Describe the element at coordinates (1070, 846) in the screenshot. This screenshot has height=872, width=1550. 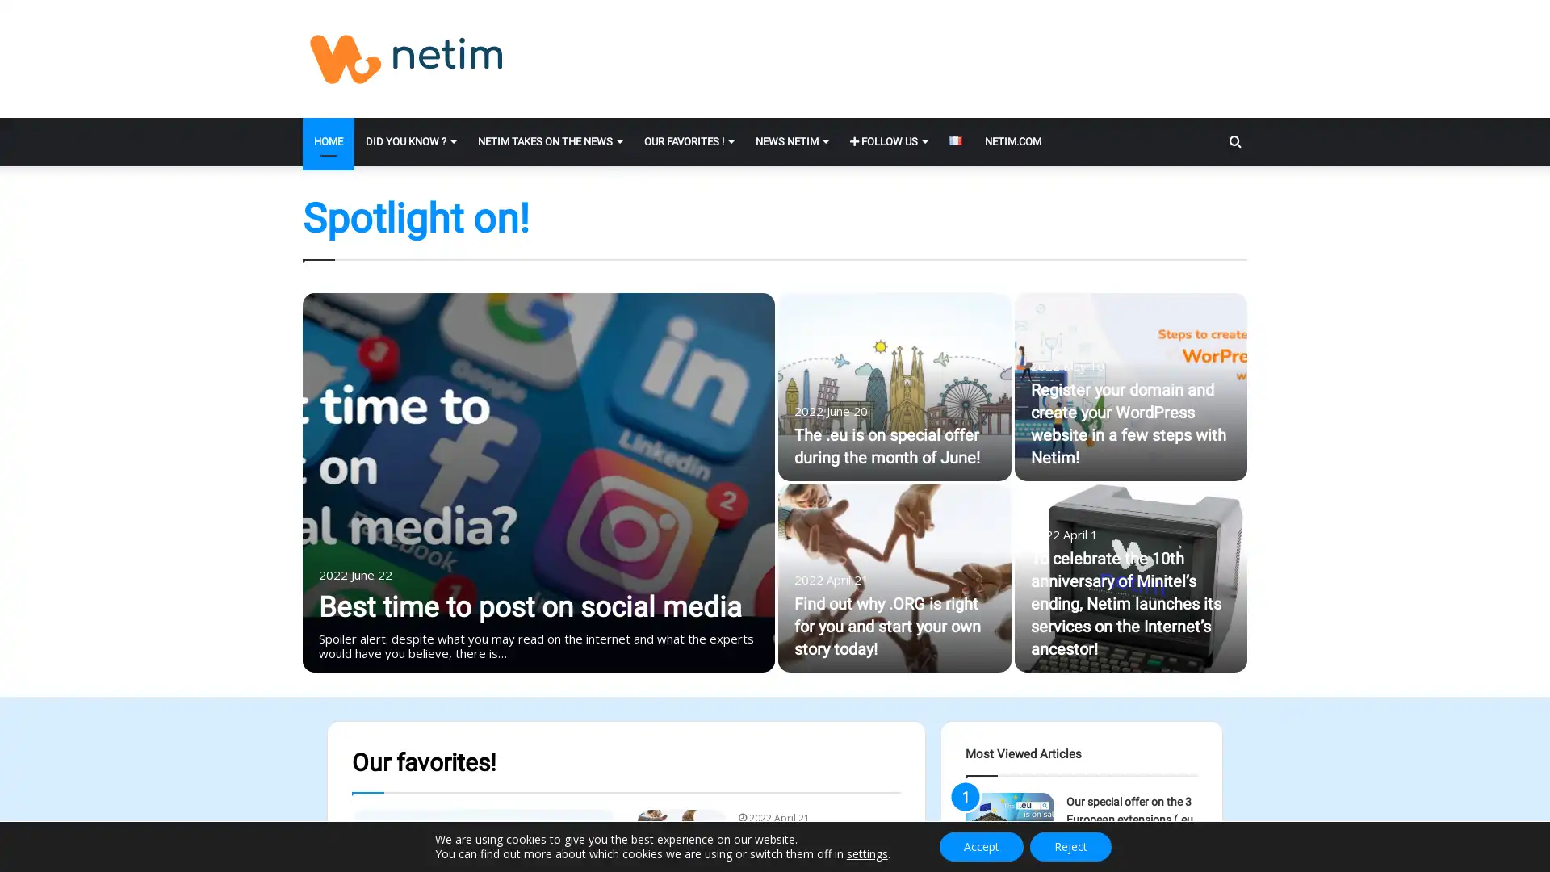
I see `Reject` at that location.